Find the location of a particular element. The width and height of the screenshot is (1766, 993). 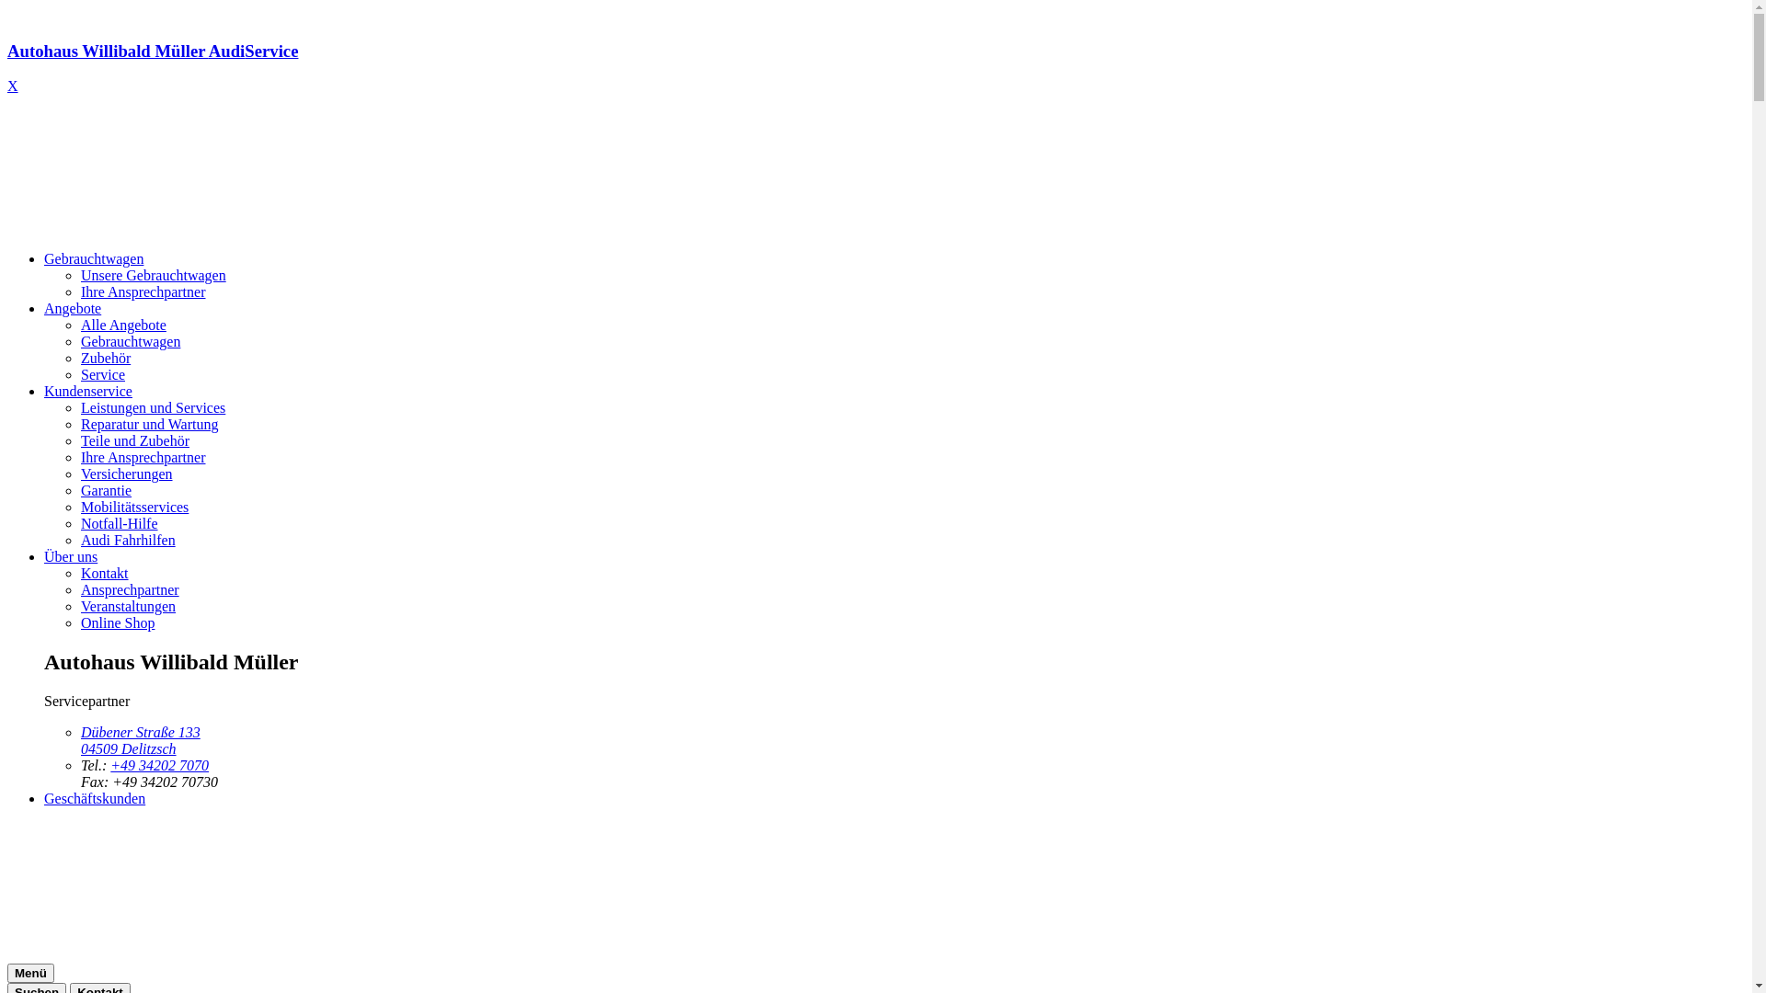

'+49 34202 7070' is located at coordinates (159, 765).